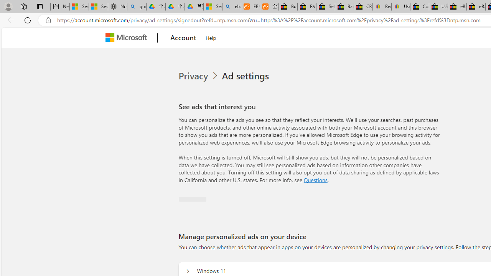 This screenshot has width=491, height=276. I want to click on 'guge yunpan - Search', so click(137, 7).